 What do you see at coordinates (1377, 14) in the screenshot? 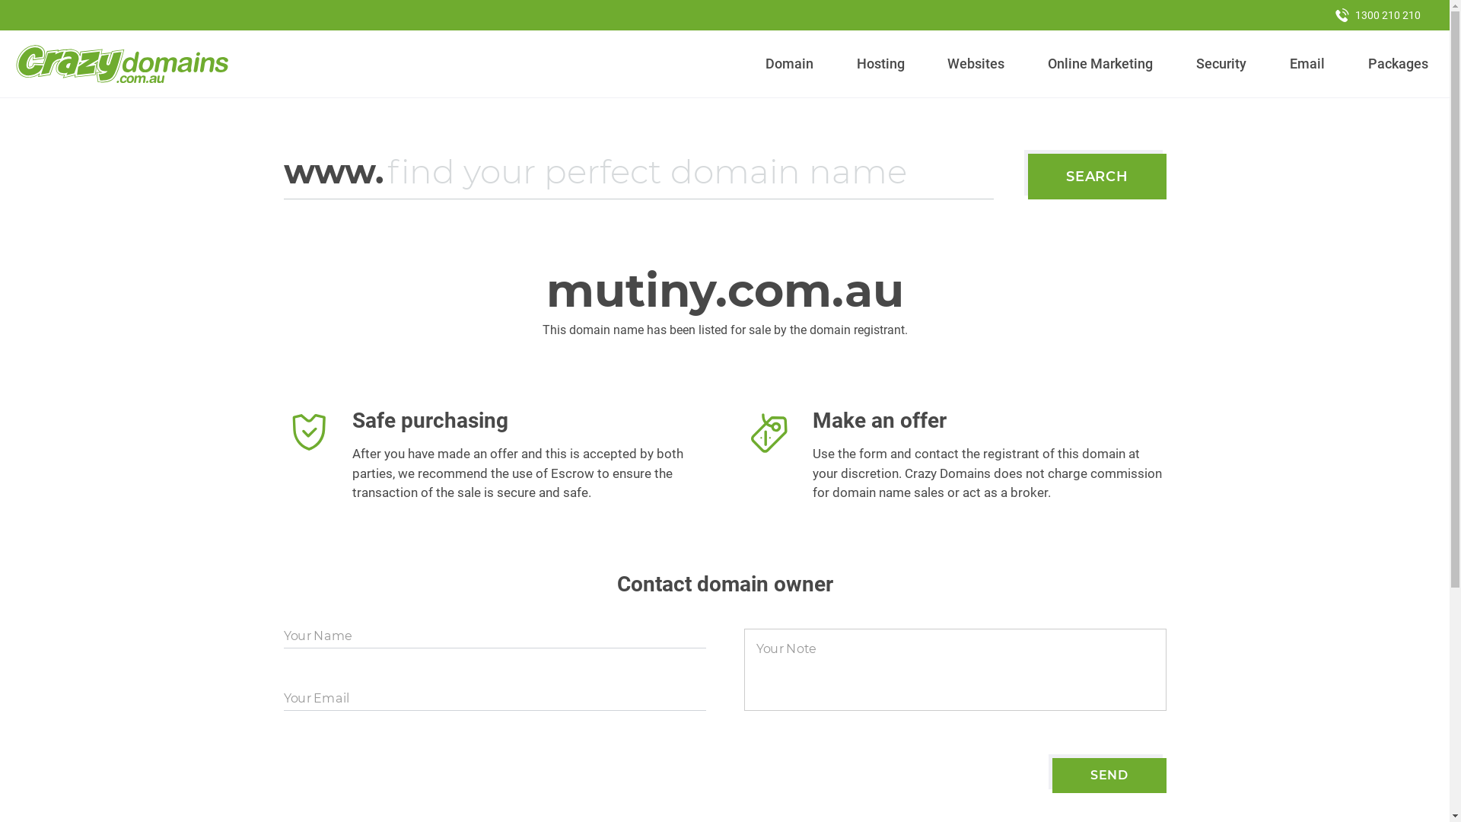
I see `'1300 210 210'` at bounding box center [1377, 14].